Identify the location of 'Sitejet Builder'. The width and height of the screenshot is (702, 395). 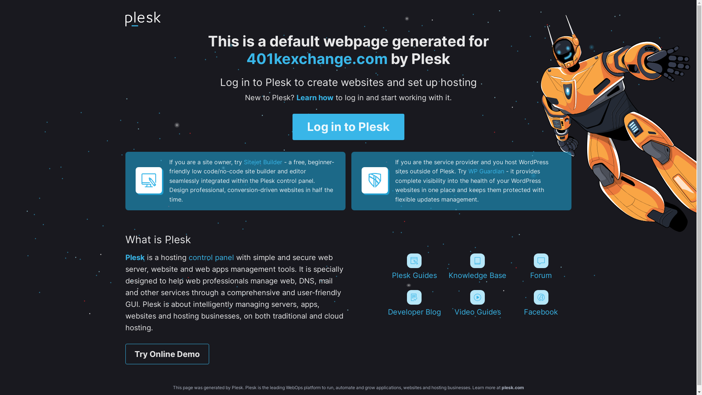
(263, 162).